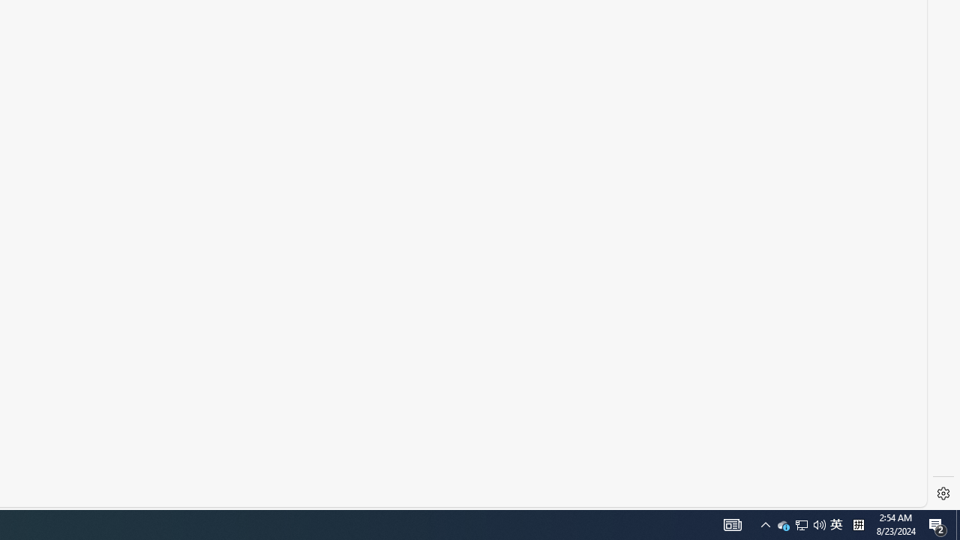 The image size is (960, 540). I want to click on 'Action Center, 2 new notifications', so click(937, 523).